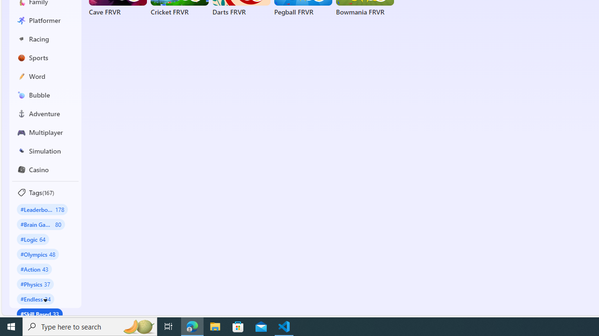 This screenshot has height=336, width=599. Describe the element at coordinates (39, 314) in the screenshot. I see `'#Skill Based 33'` at that location.